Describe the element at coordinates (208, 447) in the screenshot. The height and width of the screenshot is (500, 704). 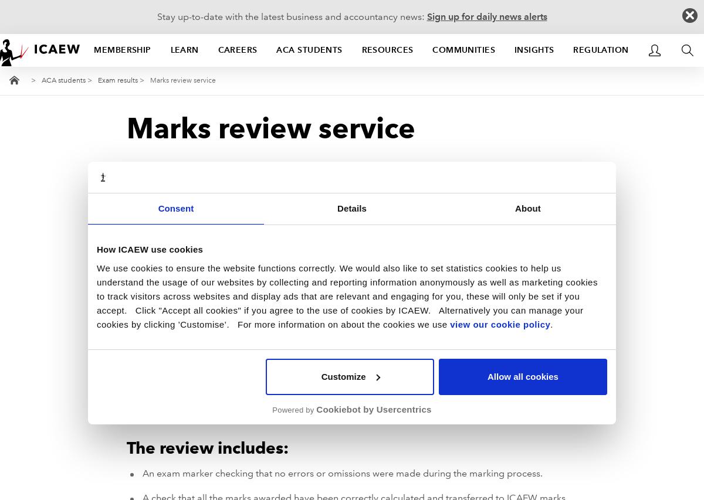
I see `'The review includes:'` at that location.